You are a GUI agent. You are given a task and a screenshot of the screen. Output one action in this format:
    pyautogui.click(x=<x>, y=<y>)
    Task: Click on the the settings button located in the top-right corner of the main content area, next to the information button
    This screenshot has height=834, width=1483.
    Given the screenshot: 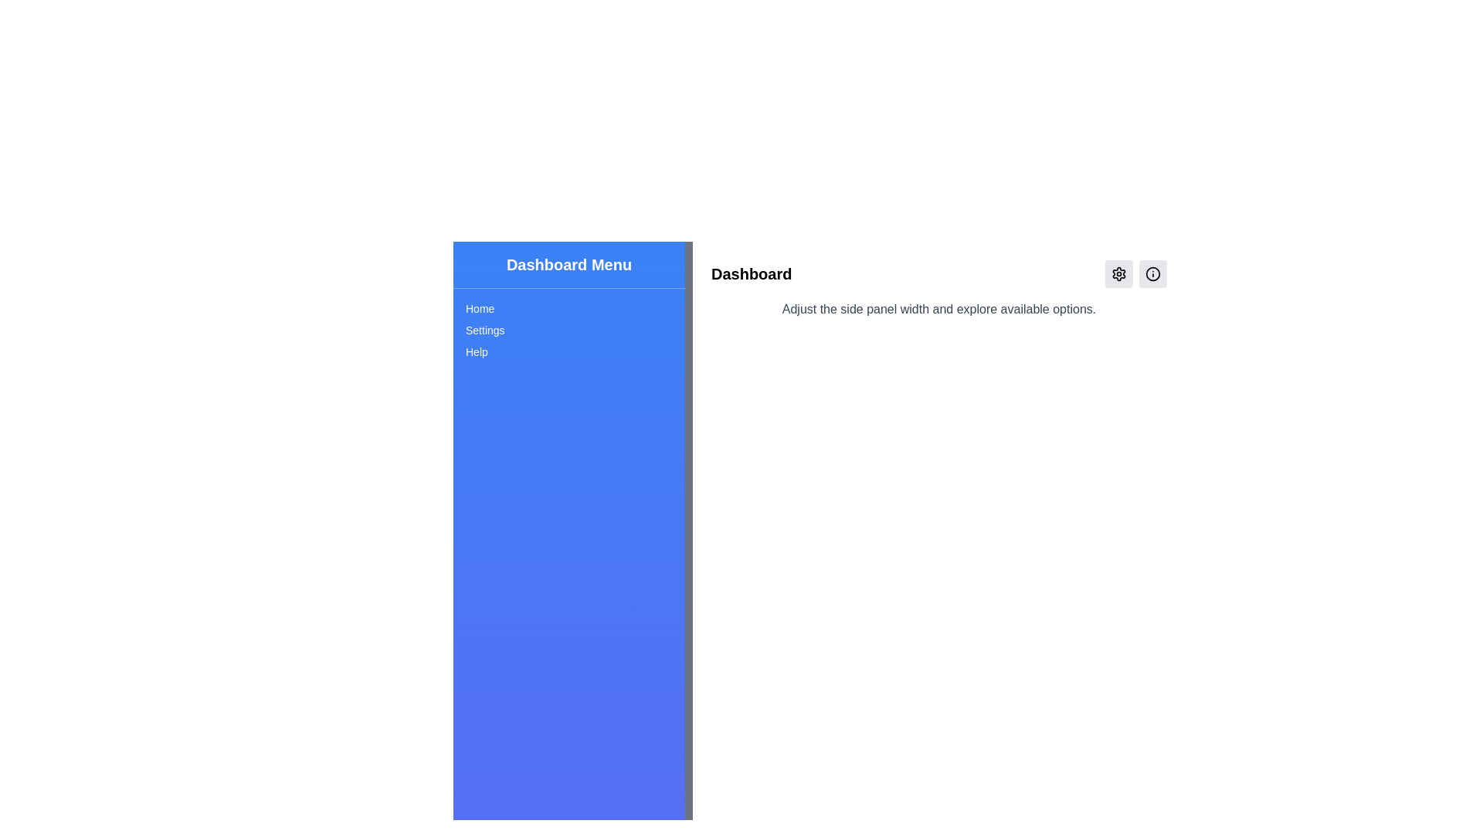 What is the action you would take?
    pyautogui.click(x=1119, y=273)
    